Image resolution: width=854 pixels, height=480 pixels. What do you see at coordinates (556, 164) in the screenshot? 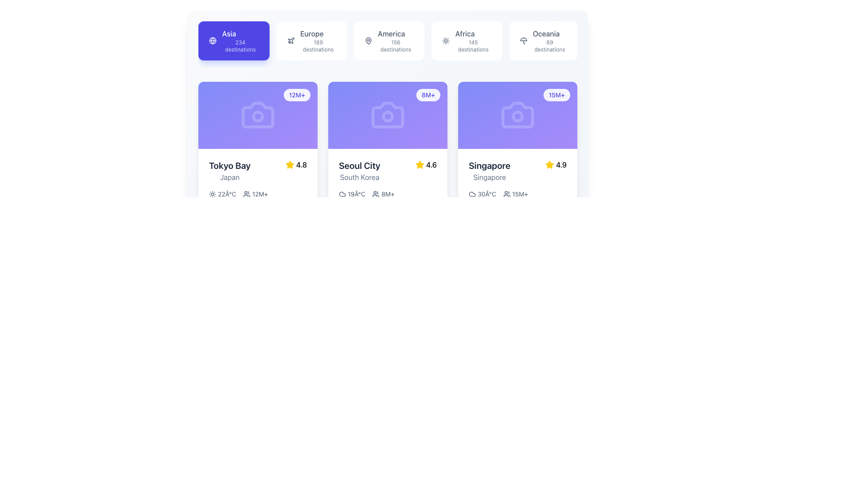
I see `the rating display element featuring a yellow star icon and the text '4.9', located at the bottom right corner of the 'Singapore' card` at bounding box center [556, 164].